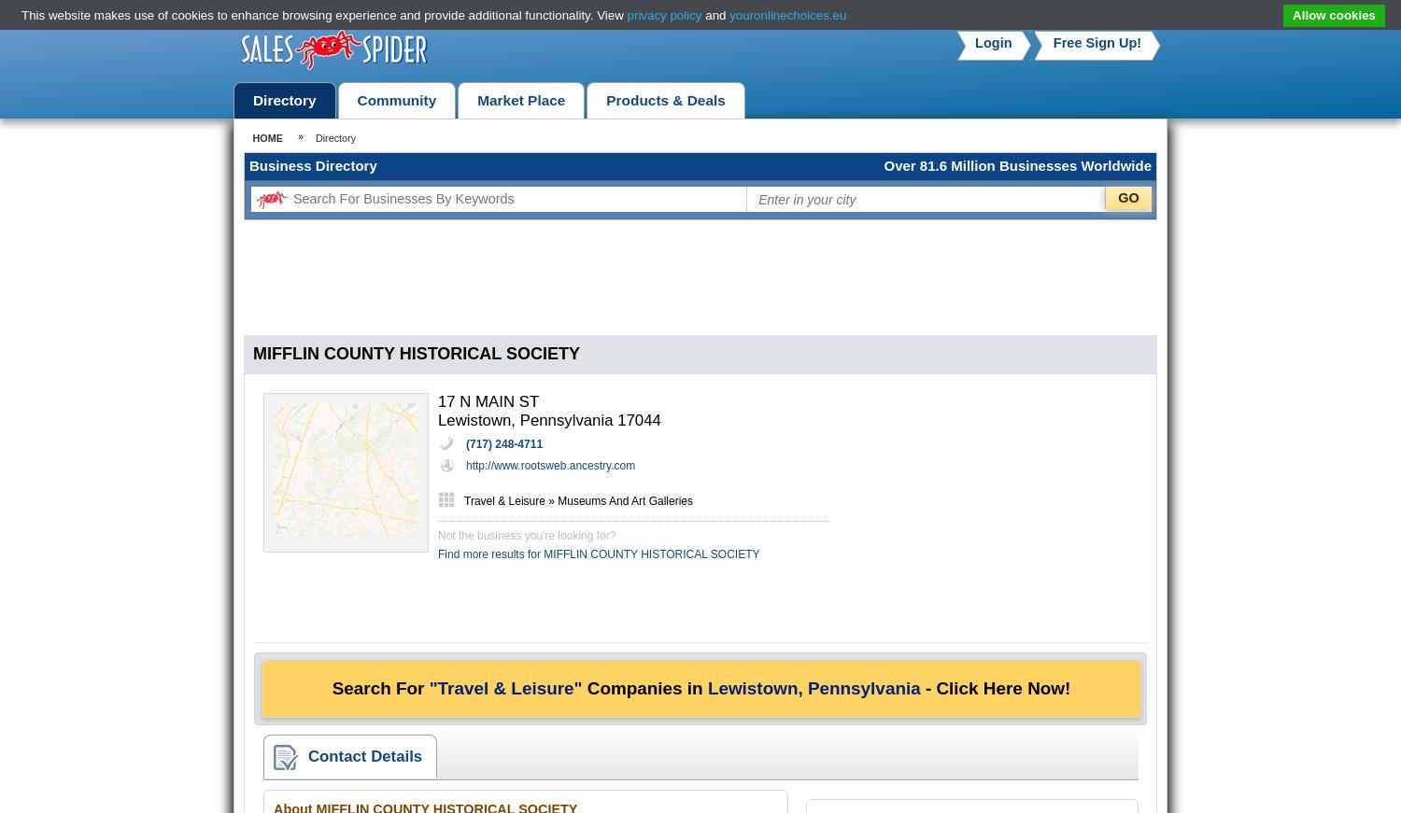 Image resolution: width=1401 pixels, height=813 pixels. Describe the element at coordinates (639, 420) in the screenshot. I see `'17044'` at that location.